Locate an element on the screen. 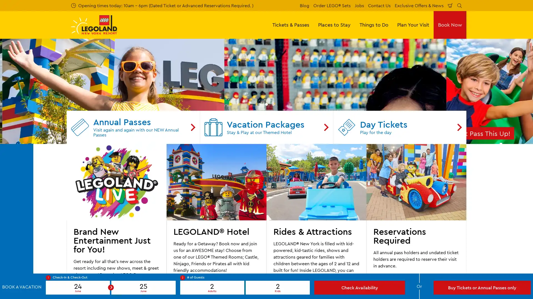  Plan Your Visit is located at coordinates (413, 24).